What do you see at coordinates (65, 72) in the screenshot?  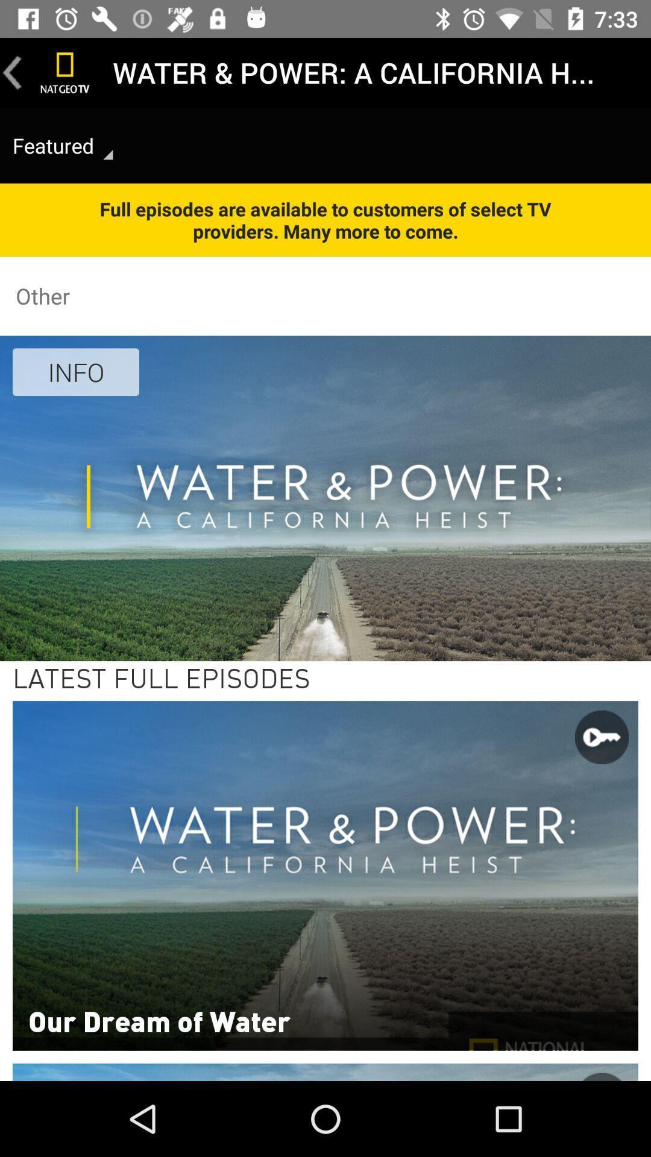 I see `national geography tv` at bounding box center [65, 72].